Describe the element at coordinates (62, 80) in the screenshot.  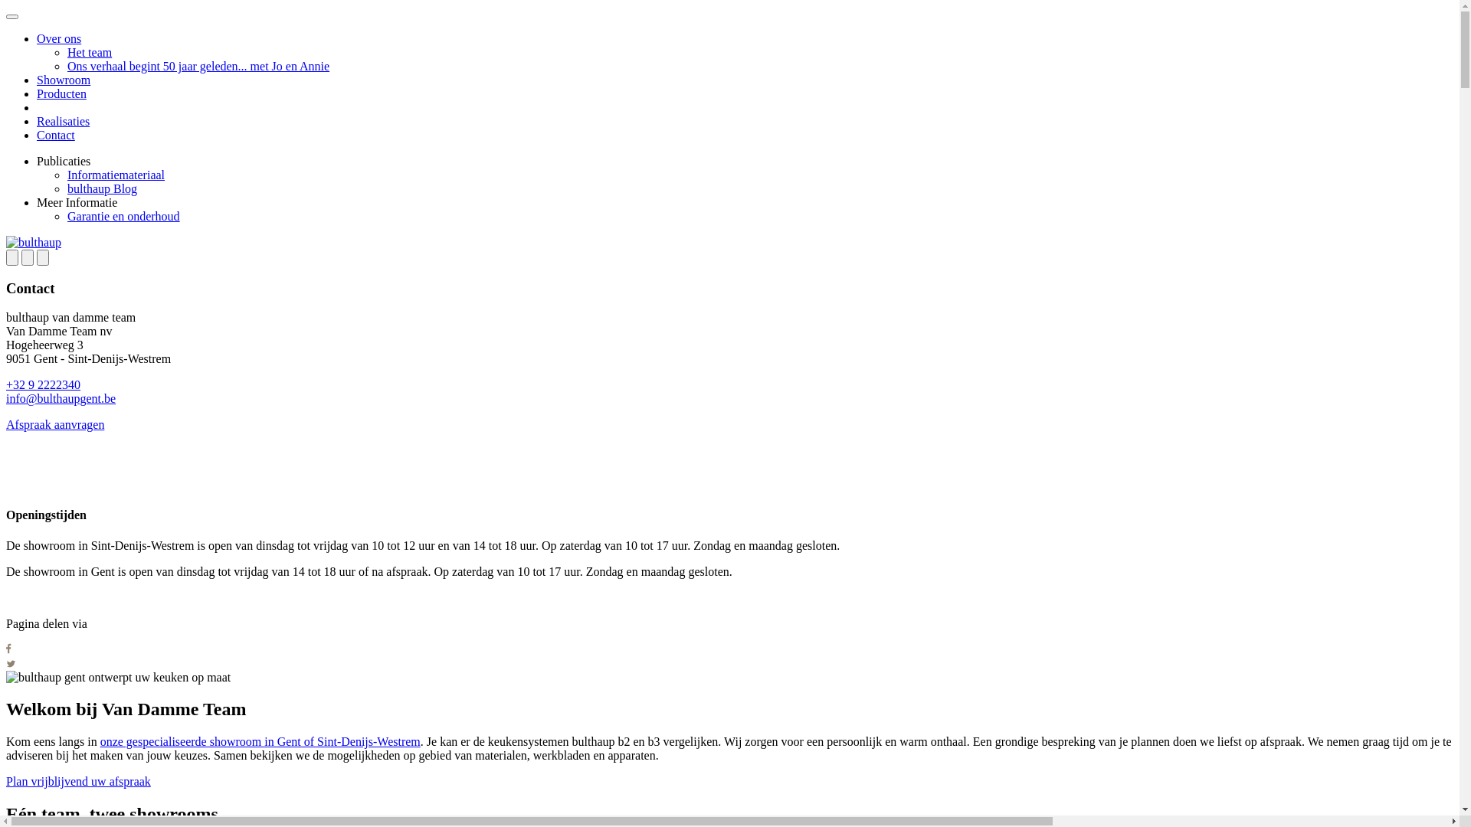
I see `'Showroom'` at that location.